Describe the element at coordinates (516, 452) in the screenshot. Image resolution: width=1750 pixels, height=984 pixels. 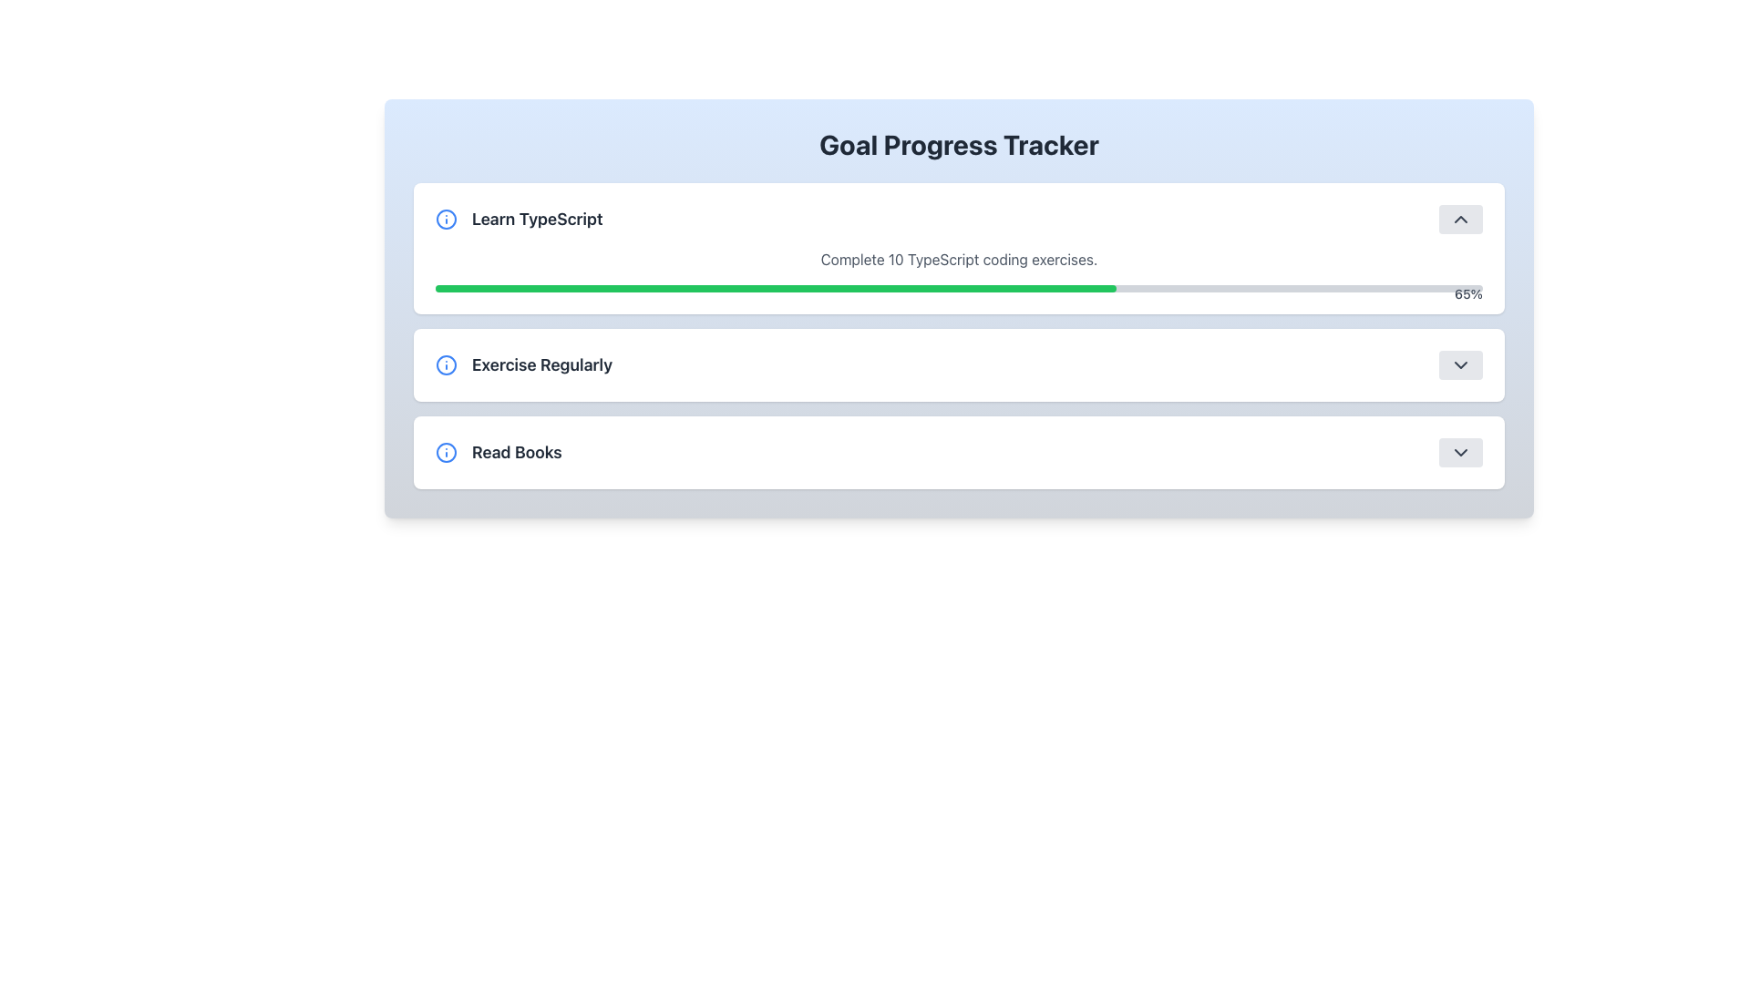
I see `text from the Text Label that describes the associated activity or task in the progress tracker interface, located below 'Exercise Regularly' and next to an info icon` at that location.